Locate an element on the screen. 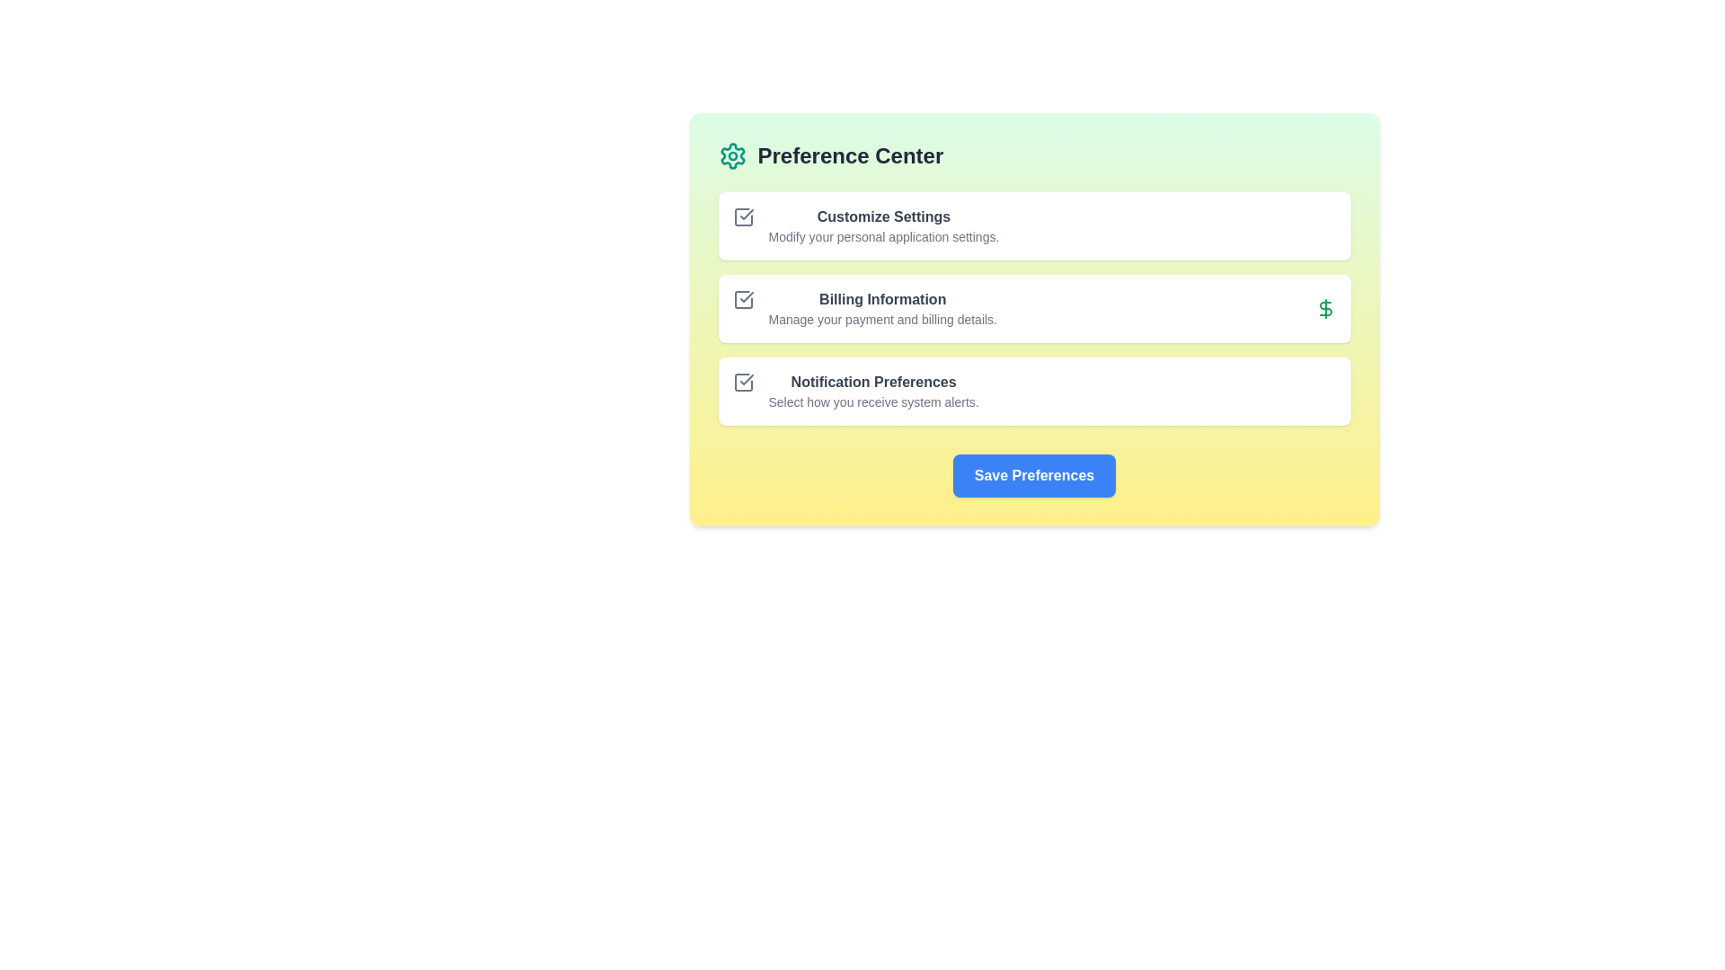 This screenshot has width=1725, height=970. the cogwheel icon representing settings, located to the left of the 'Preference Center' title is located at coordinates (732, 154).